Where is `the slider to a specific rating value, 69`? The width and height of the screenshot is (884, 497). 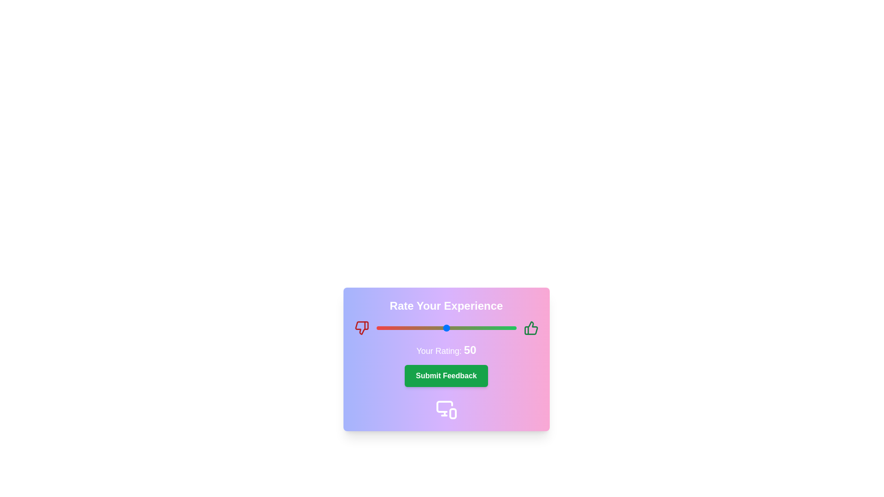 the slider to a specific rating value, 69 is located at coordinates (473, 328).